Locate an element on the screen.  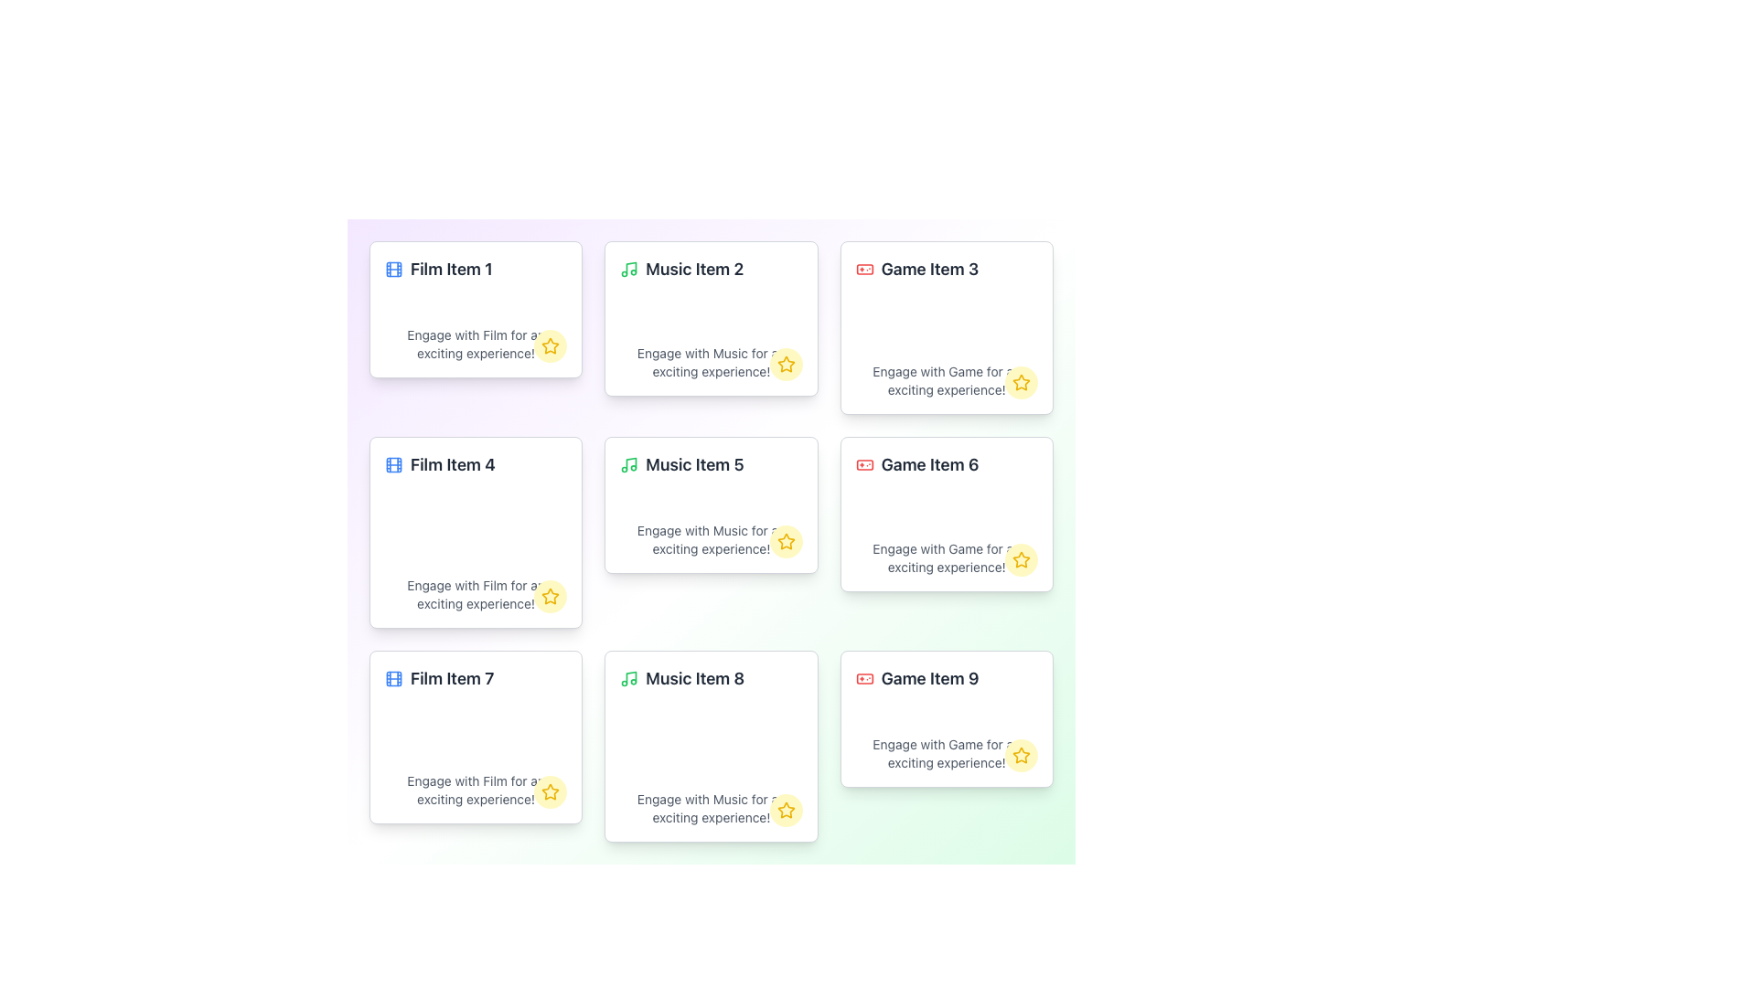
the Information Tile containing 'Film Item 7' and its associated icons is located at coordinates (476, 736).